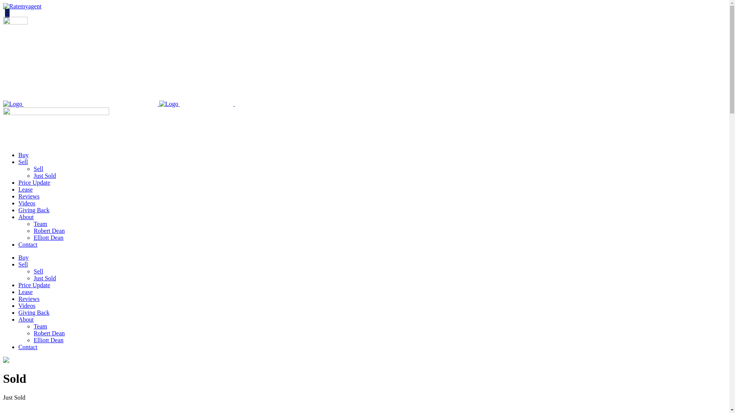 This screenshot has height=413, width=735. What do you see at coordinates (40, 326) in the screenshot?
I see `'Team'` at bounding box center [40, 326].